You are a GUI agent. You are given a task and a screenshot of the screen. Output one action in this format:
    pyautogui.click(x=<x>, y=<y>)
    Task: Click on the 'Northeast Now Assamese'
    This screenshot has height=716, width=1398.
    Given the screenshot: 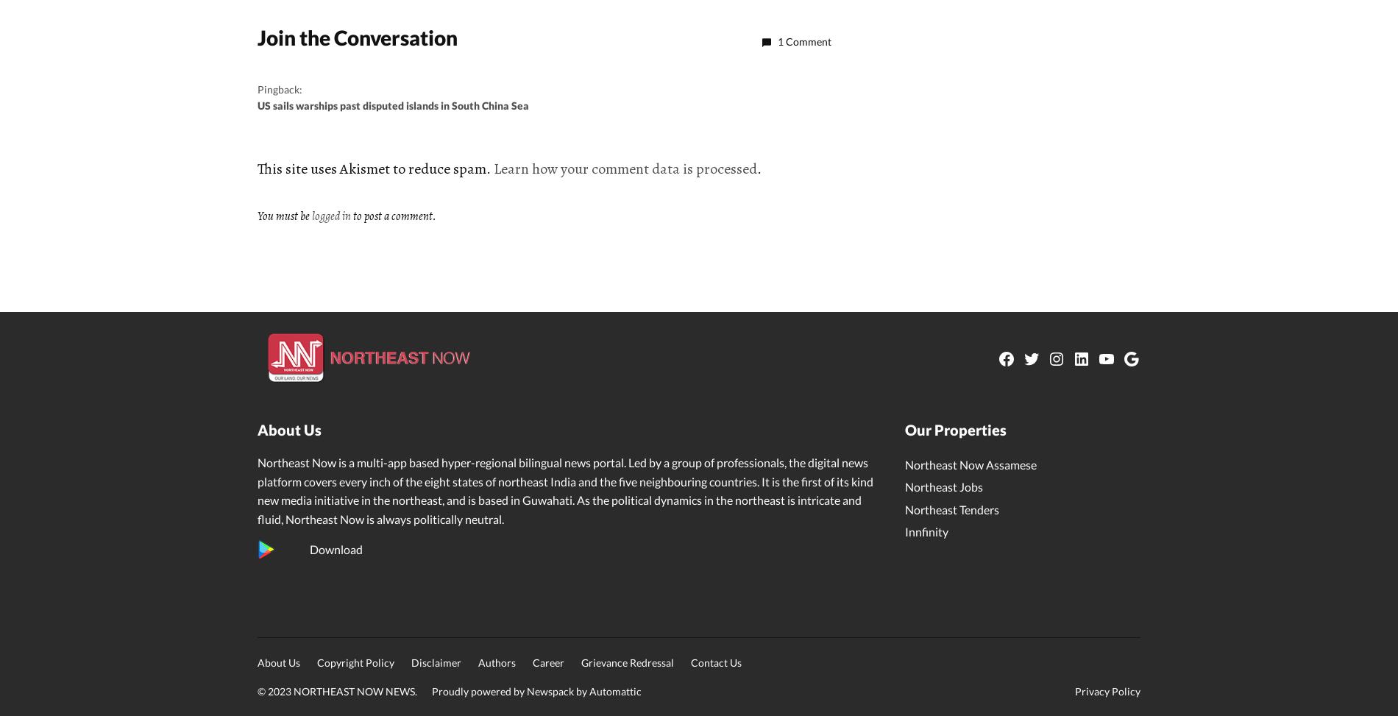 What is the action you would take?
    pyautogui.click(x=970, y=463)
    